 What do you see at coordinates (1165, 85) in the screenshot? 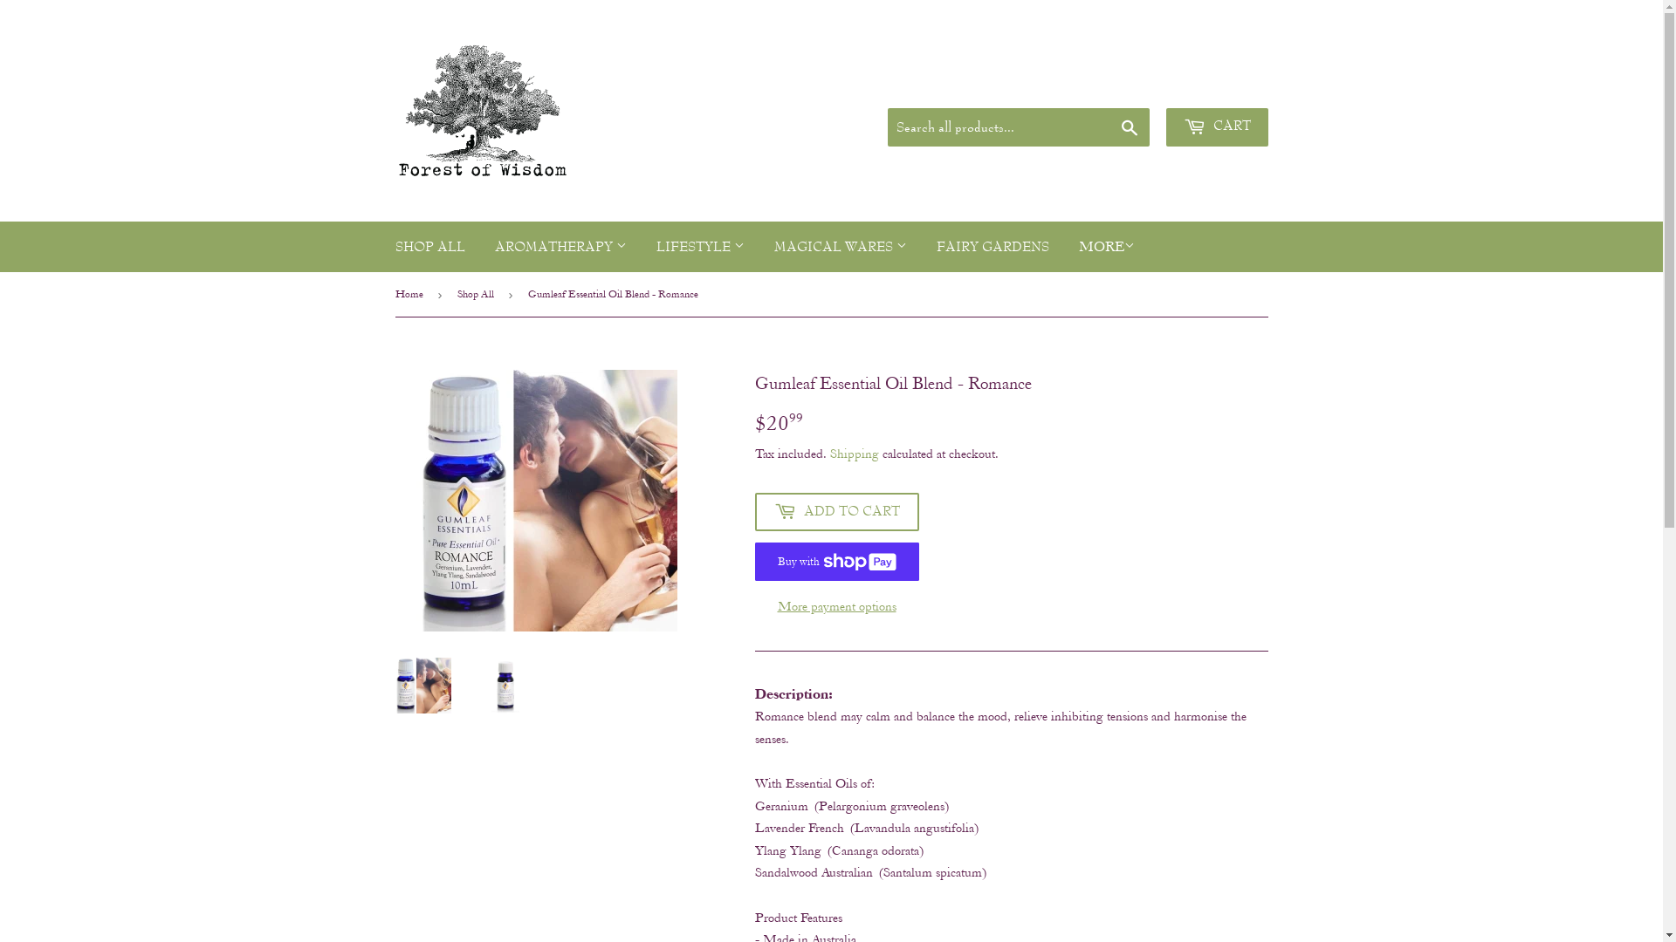
I see `'Create an Account'` at bounding box center [1165, 85].